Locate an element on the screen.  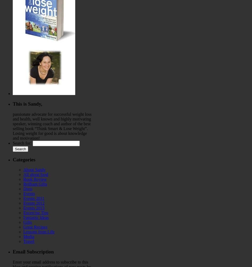
'Search for:' is located at coordinates (22, 143).